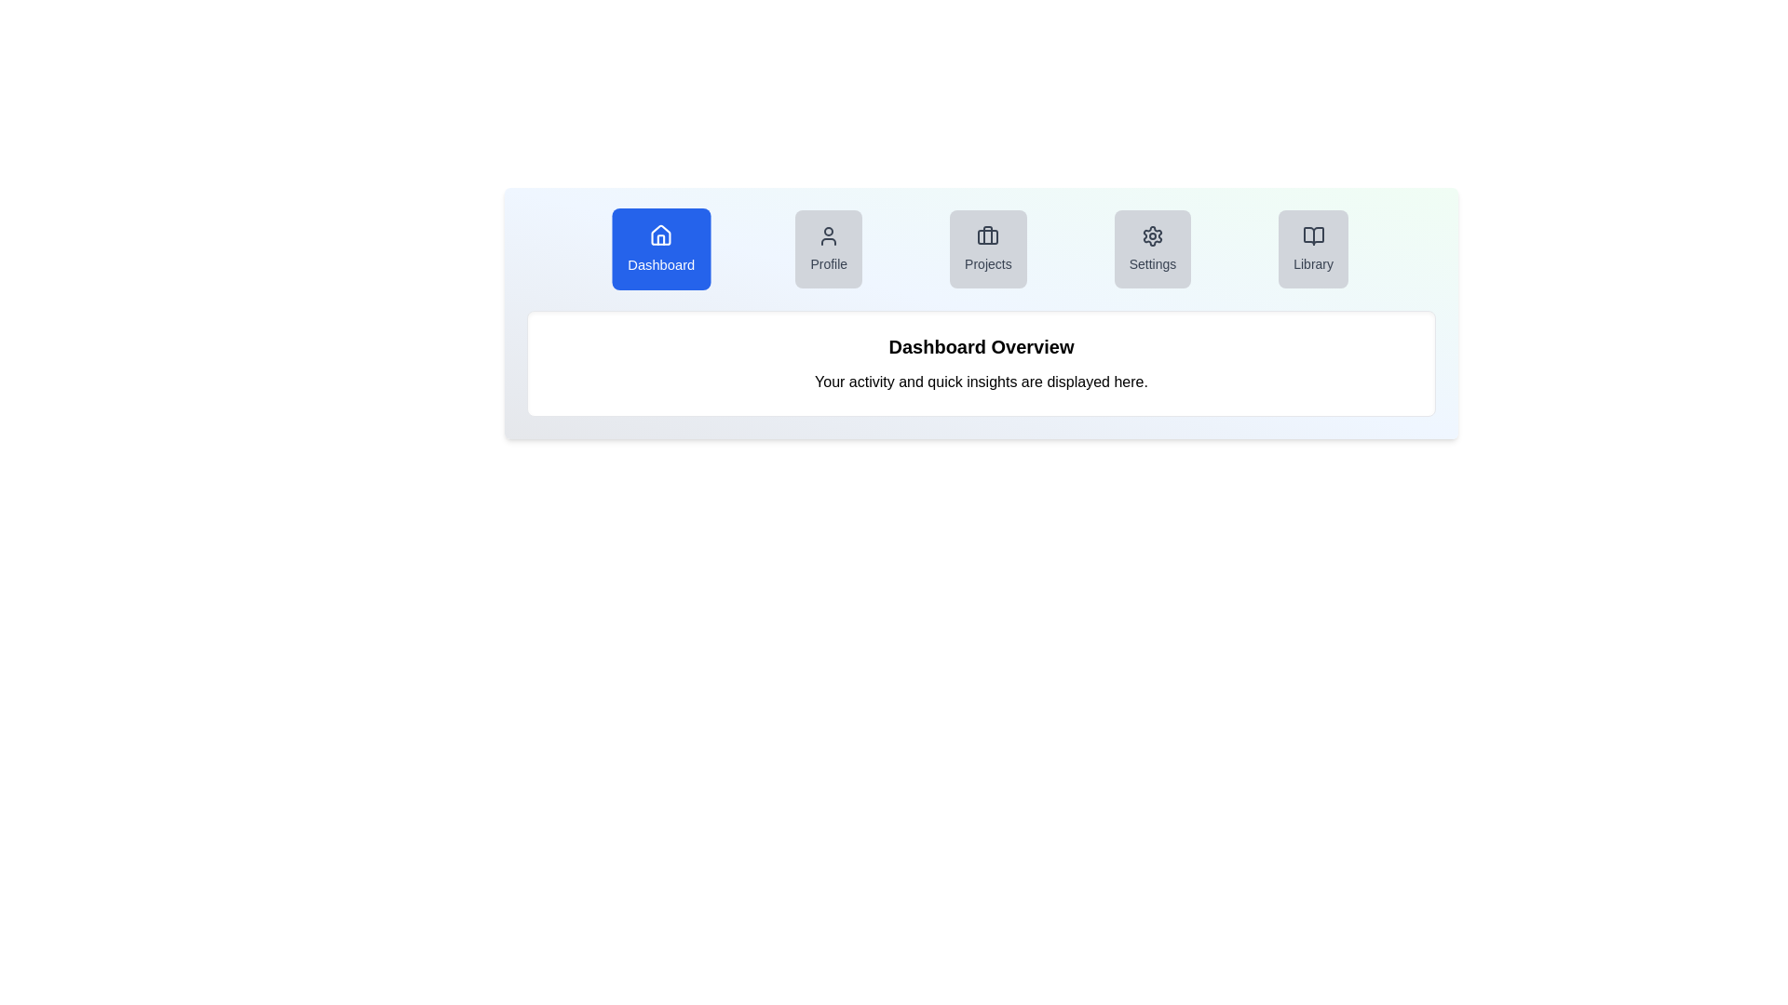  Describe the element at coordinates (828, 235) in the screenshot. I see `the profile icon, which serves as a visual representation for user account settings, located near the top center of the interface, above the text 'Profile'` at that location.